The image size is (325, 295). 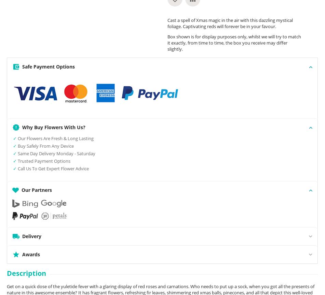 I want to click on 'Awards', so click(x=31, y=254).